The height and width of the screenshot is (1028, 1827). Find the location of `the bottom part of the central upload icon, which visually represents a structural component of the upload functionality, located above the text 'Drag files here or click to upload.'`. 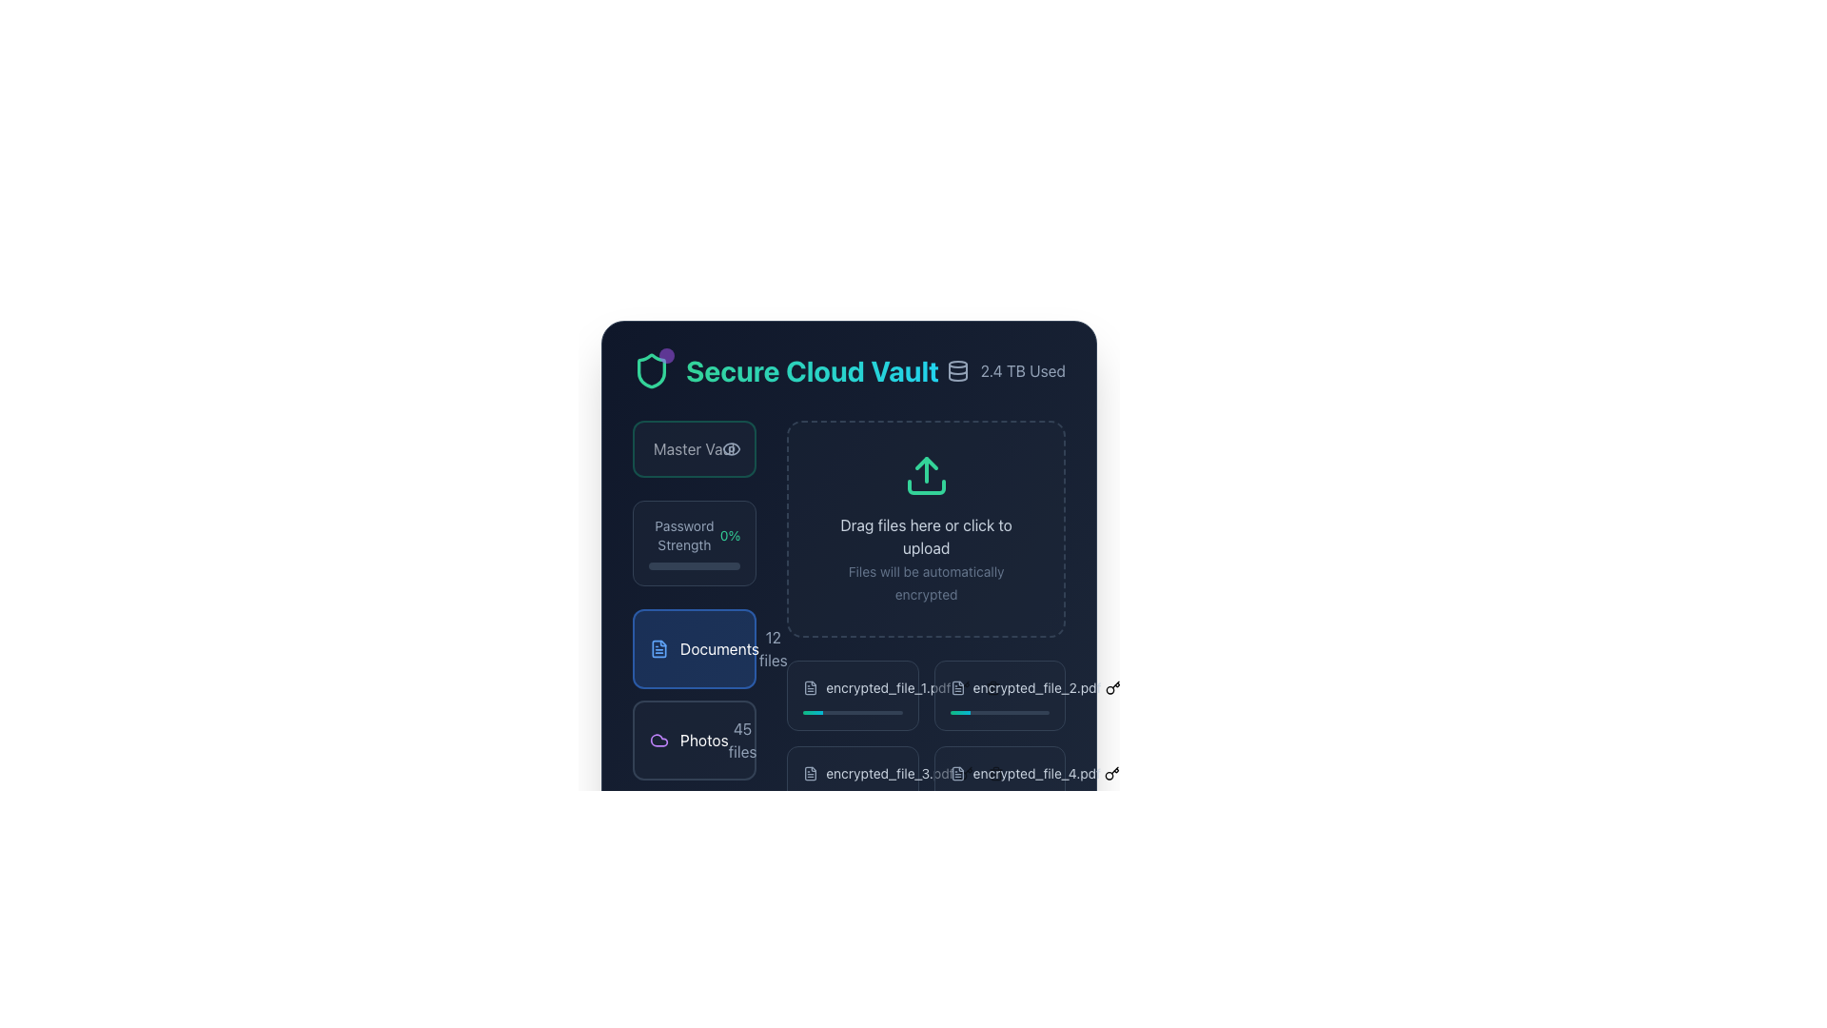

the bottom part of the central upload icon, which visually represents a structural component of the upload functionality, located above the text 'Drag files here or click to upload.' is located at coordinates (926, 486).